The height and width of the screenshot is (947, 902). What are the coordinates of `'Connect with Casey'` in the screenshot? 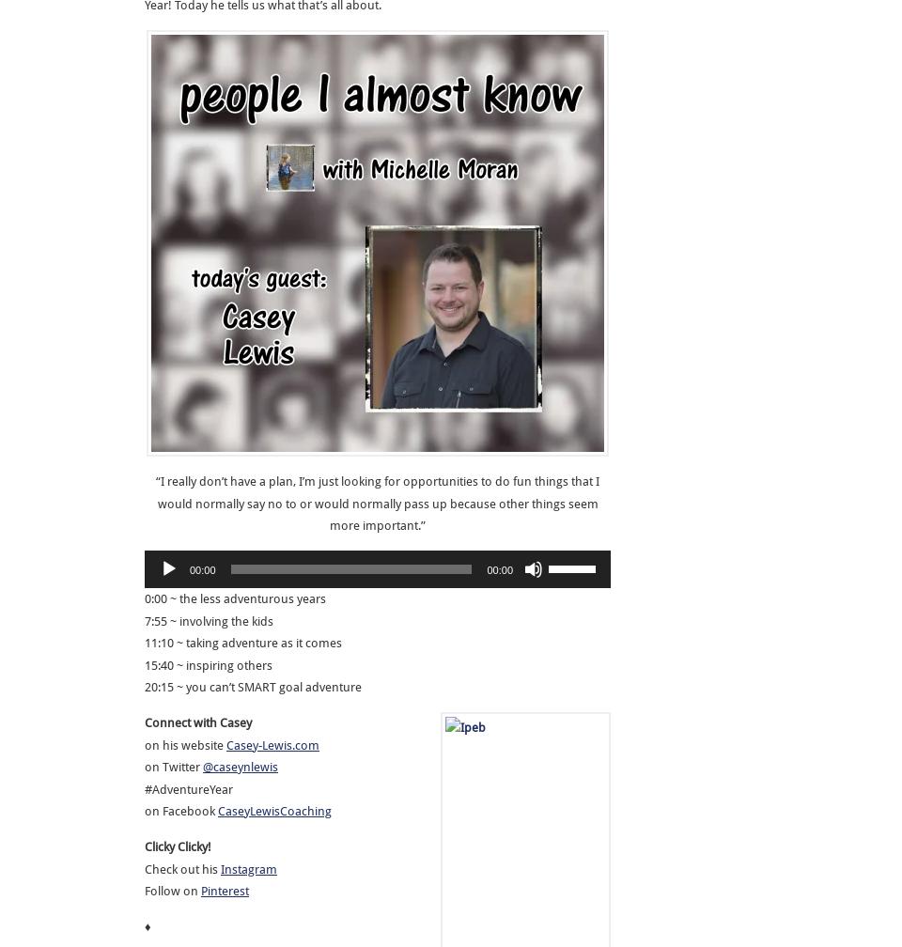 It's located at (198, 722).